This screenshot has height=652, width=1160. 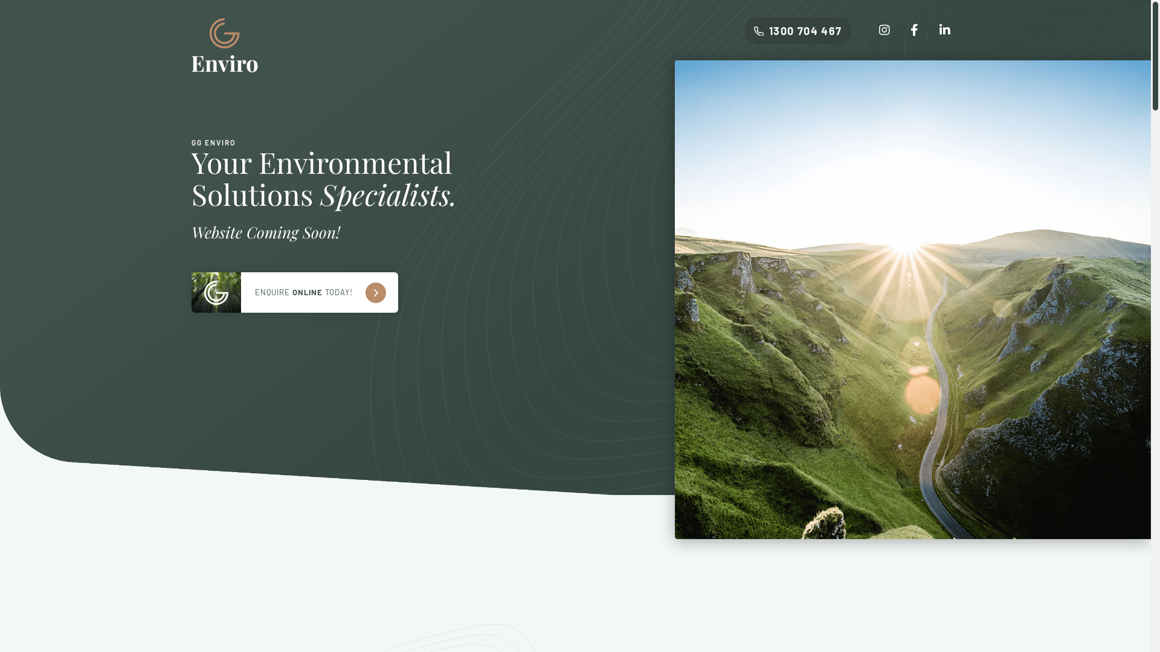 I want to click on 'ENQUIRE ONLINE TODAY!', so click(x=294, y=292).